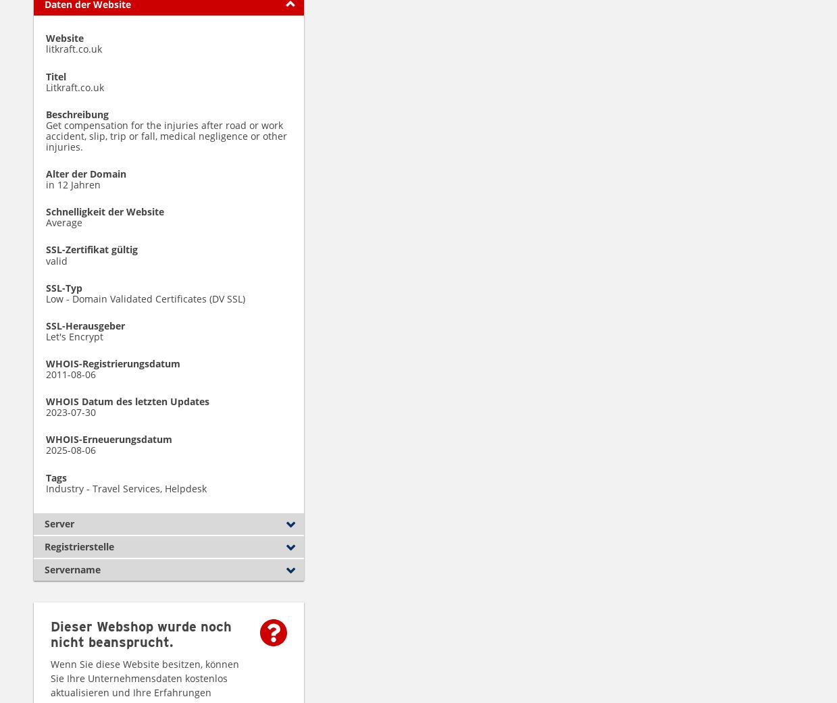 This screenshot has height=703, width=837. What do you see at coordinates (55, 76) in the screenshot?
I see `'Titel'` at bounding box center [55, 76].